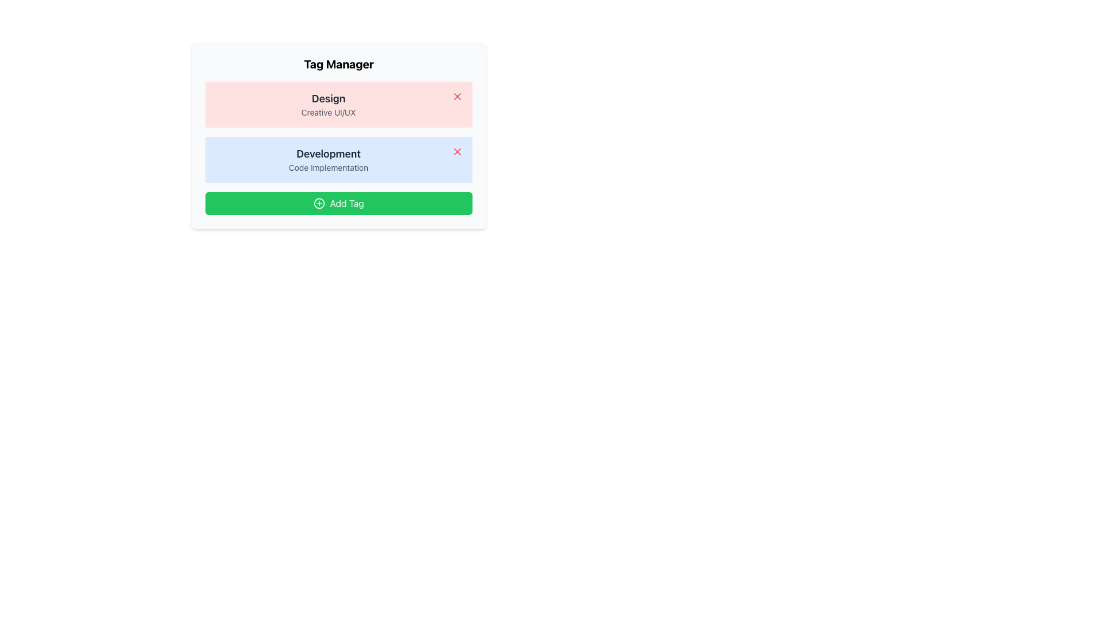 This screenshot has height=621, width=1105. What do you see at coordinates (328, 113) in the screenshot?
I see `the label with gray text reading 'Creative UI/UX' located below the header 'Design' in a light pink section` at bounding box center [328, 113].